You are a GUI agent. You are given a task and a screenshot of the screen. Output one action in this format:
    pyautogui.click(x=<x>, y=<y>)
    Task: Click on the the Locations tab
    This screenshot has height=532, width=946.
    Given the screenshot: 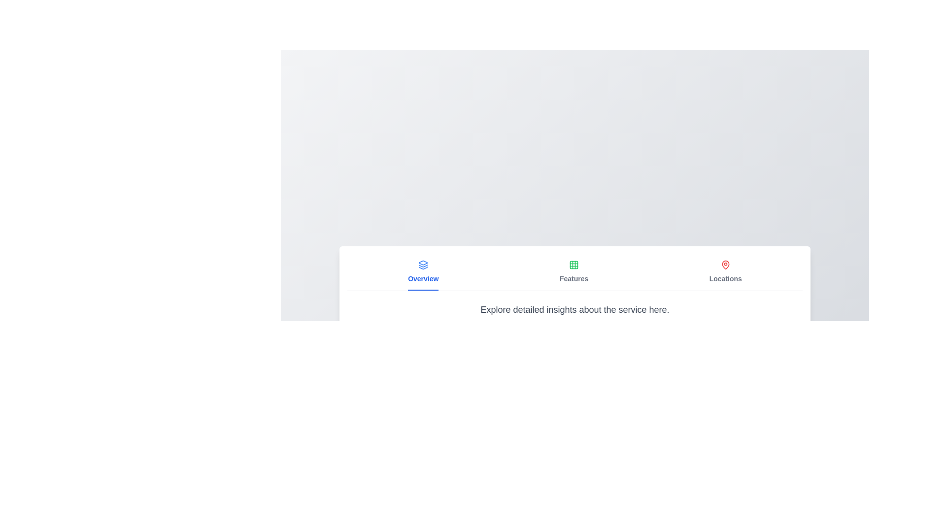 What is the action you would take?
    pyautogui.click(x=725, y=272)
    